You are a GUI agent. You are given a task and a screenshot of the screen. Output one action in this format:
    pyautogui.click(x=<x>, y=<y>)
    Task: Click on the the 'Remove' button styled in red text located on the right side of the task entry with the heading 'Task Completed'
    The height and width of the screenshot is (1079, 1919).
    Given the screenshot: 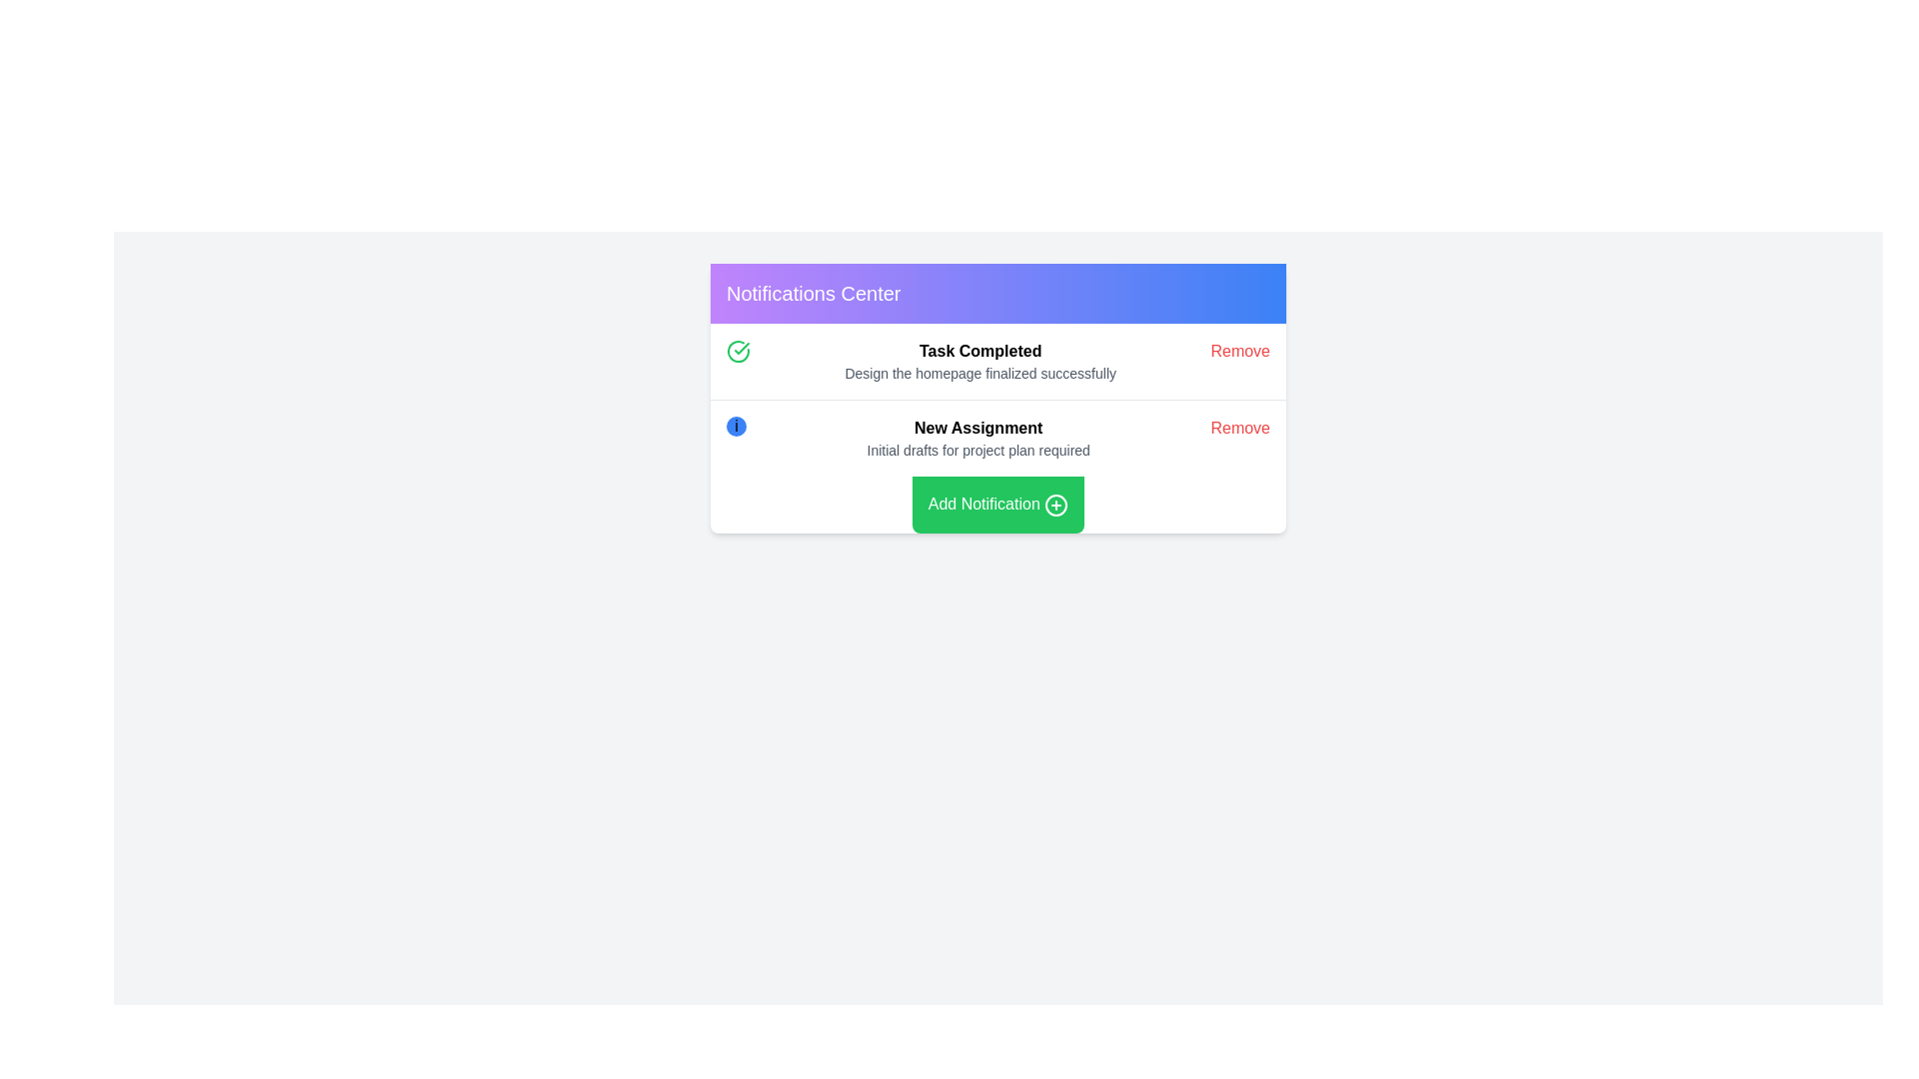 What is the action you would take?
    pyautogui.click(x=1239, y=350)
    